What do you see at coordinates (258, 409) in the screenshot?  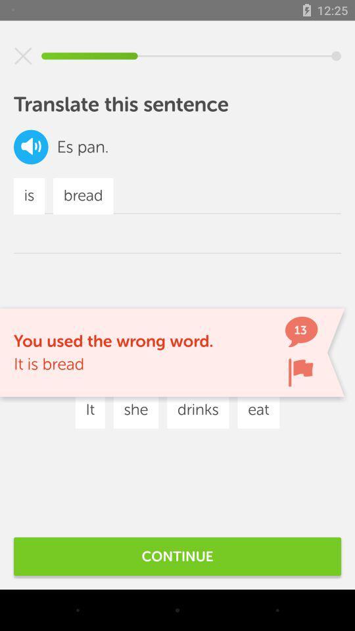 I see `icon to the right of the drinks` at bounding box center [258, 409].